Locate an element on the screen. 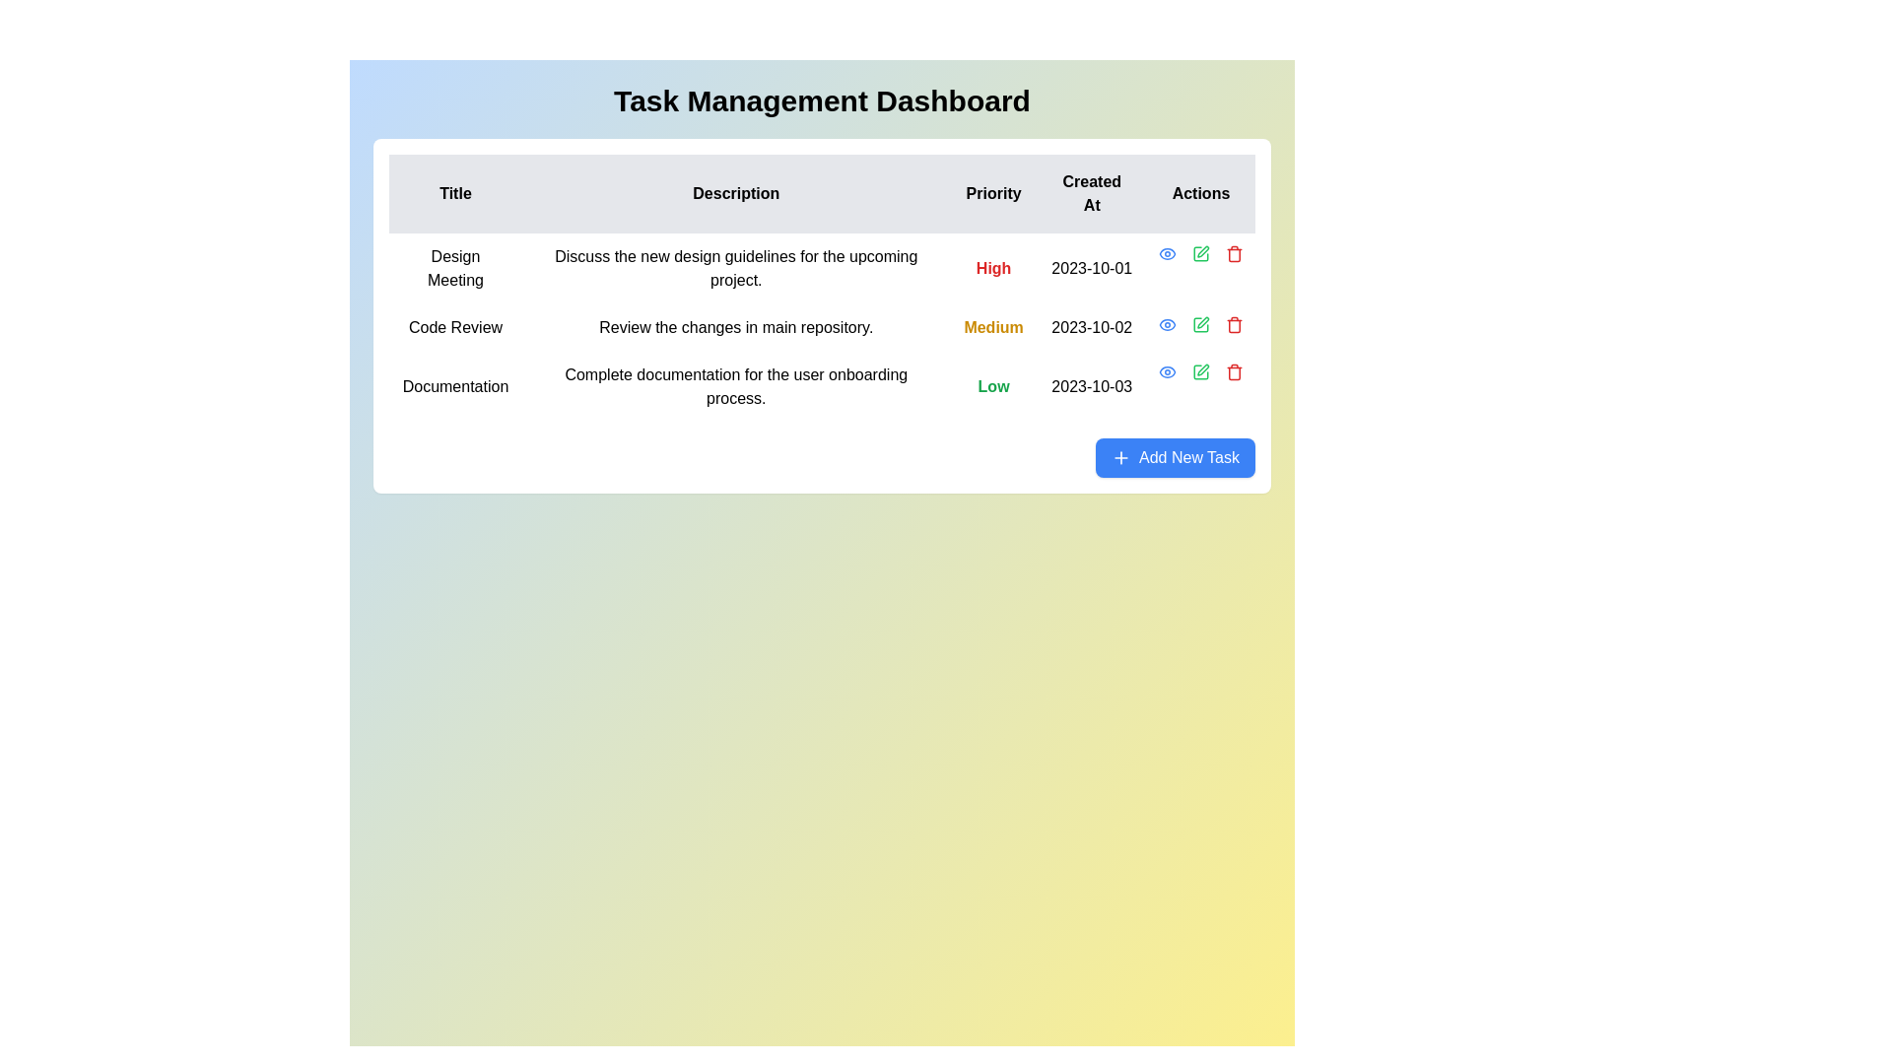 The width and height of the screenshot is (1892, 1064). text from the 'Code Review' title label in the task management dashboard, located in the task table under the 'Title' column is located at coordinates (454, 326).